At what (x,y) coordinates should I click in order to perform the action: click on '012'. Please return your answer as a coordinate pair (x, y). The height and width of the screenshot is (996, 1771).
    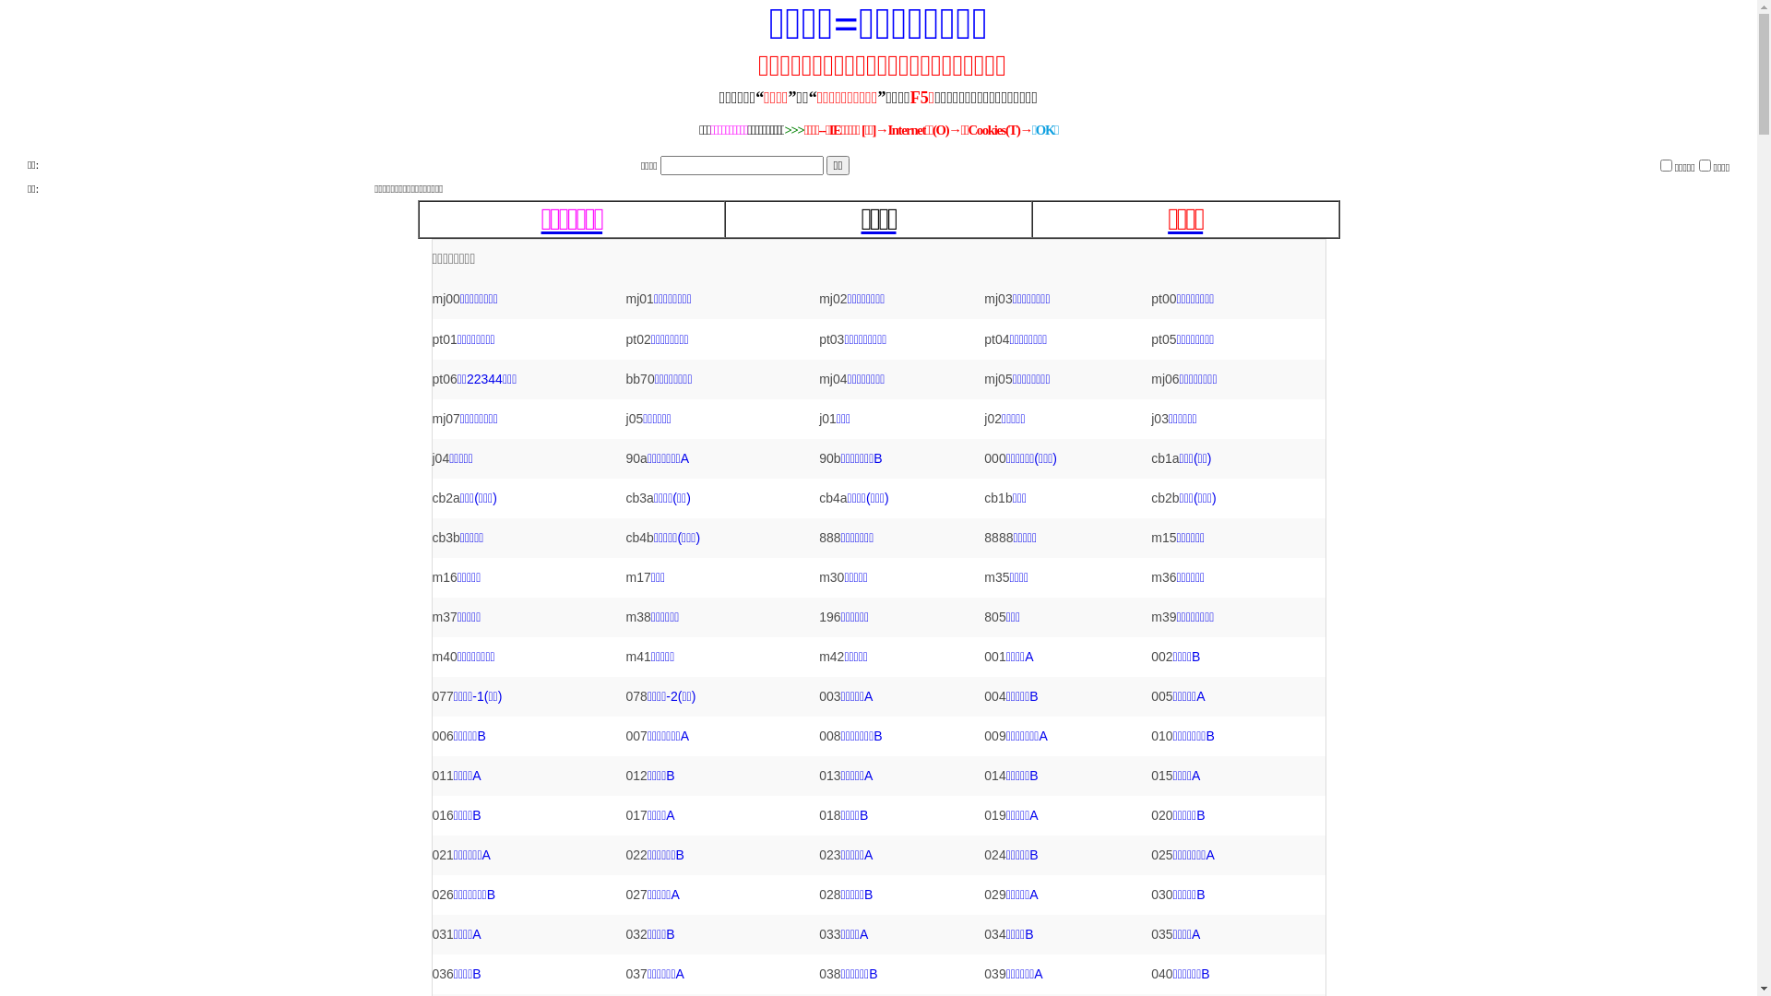
    Looking at the image, I should click on (636, 775).